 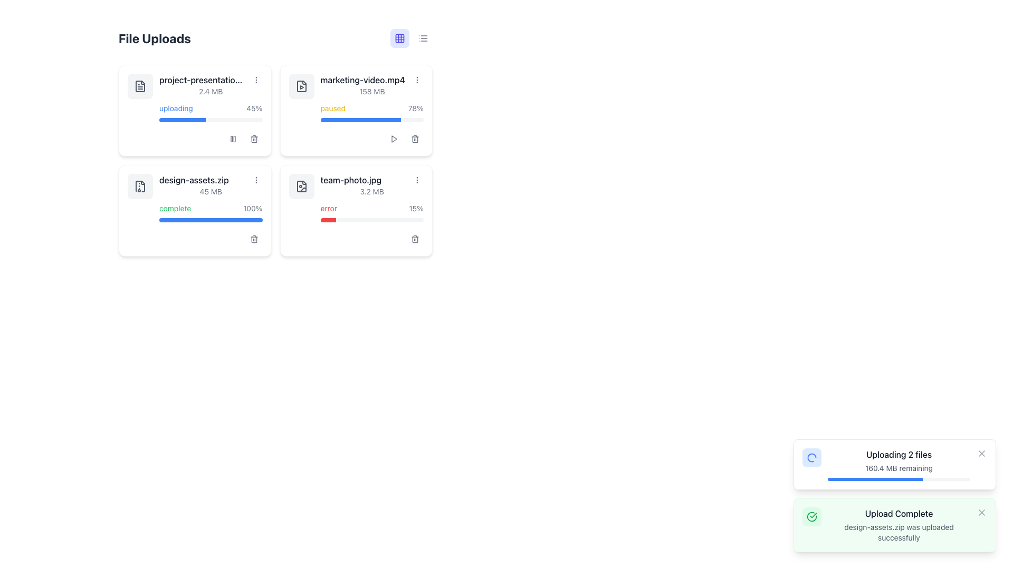 What do you see at coordinates (423, 38) in the screenshot?
I see `the toggle icon button located in the top-right section of the interface to switch to the list view in the file uploads interface` at bounding box center [423, 38].